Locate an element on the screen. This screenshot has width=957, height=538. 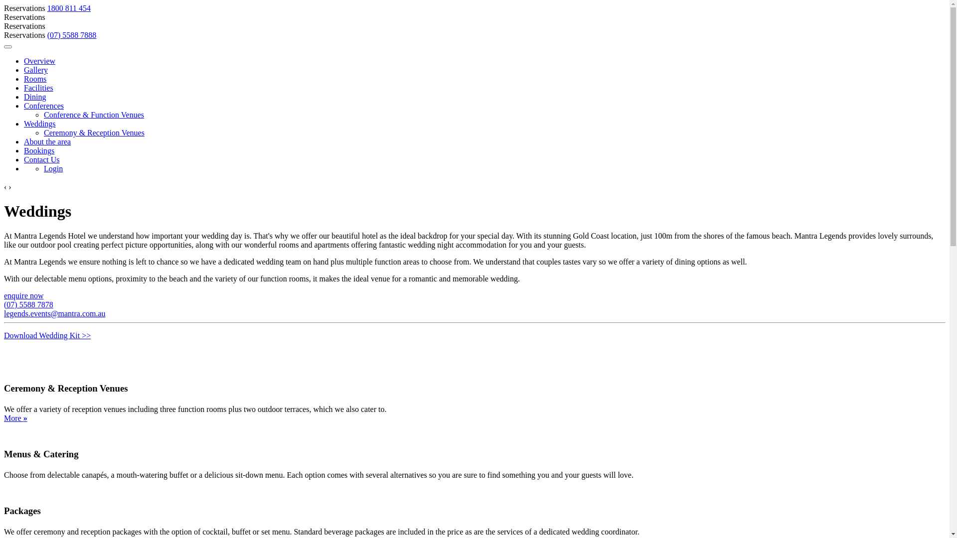
'legends.events@mantra.com.au' is located at coordinates (54, 313).